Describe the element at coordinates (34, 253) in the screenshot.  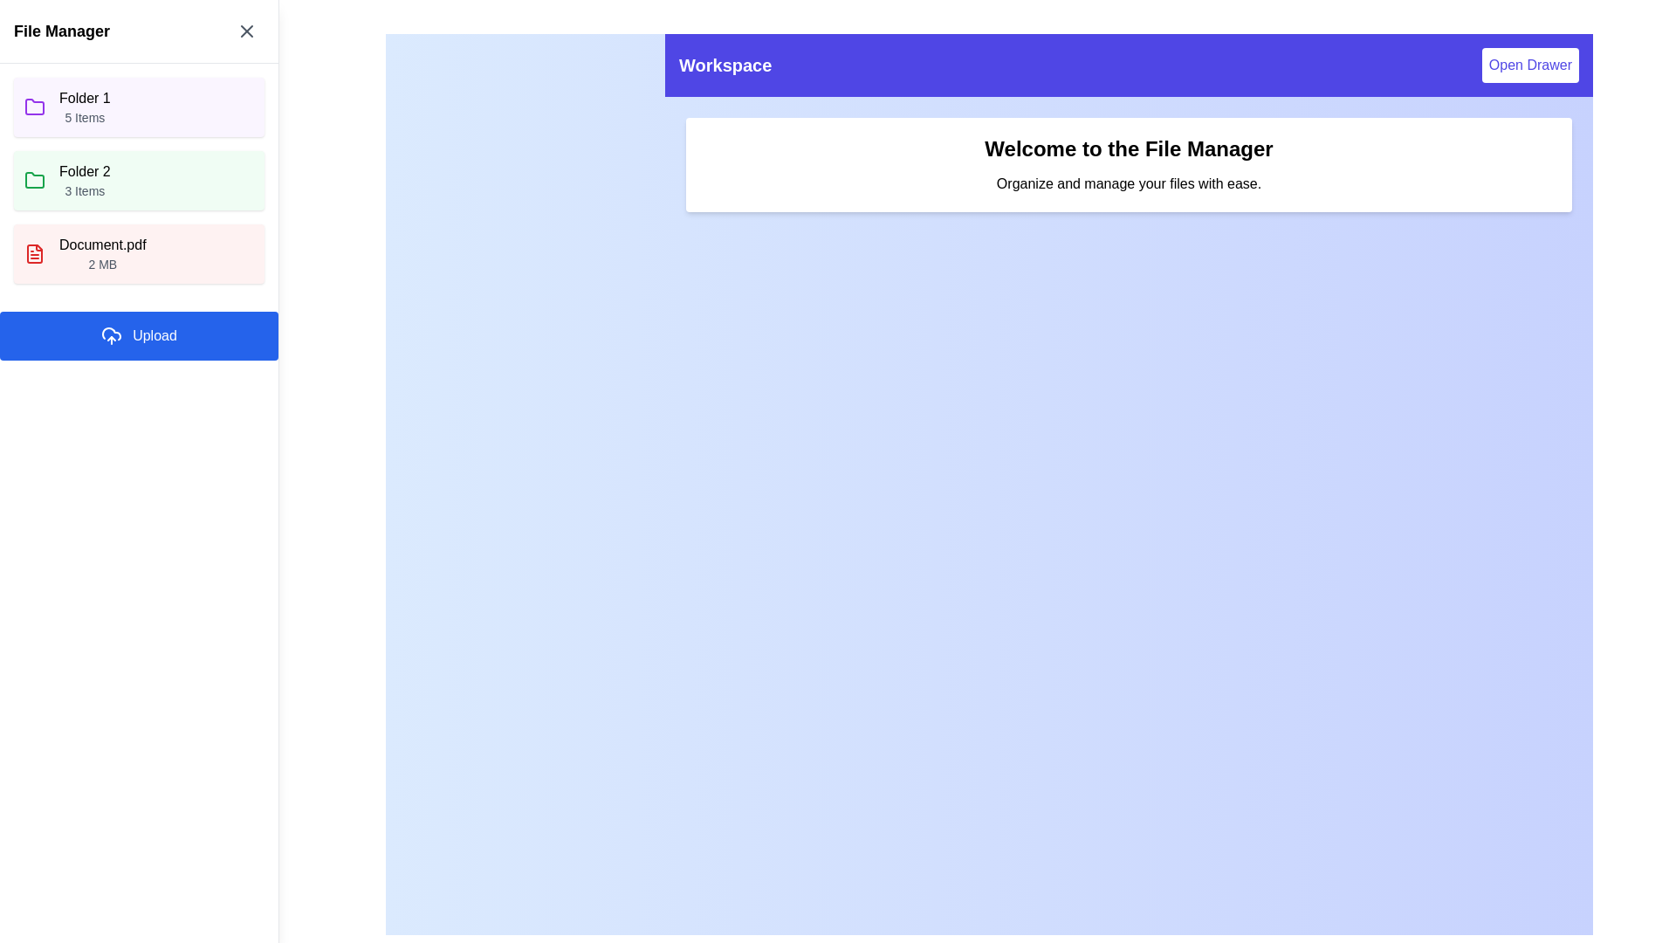
I see `the red-tinted file icon representing 'Document.pdf' located on the left side of the file manager interface` at that location.